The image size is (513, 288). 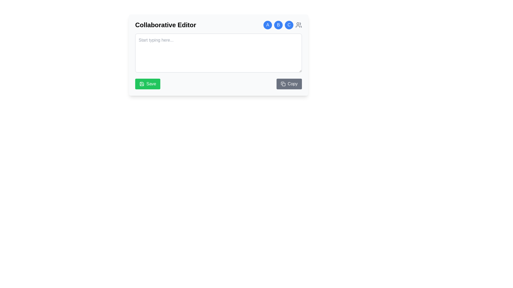 I want to click on the group of badges and an icon located at the far right of the header section titled 'Collaborative Editor', so click(x=282, y=25).